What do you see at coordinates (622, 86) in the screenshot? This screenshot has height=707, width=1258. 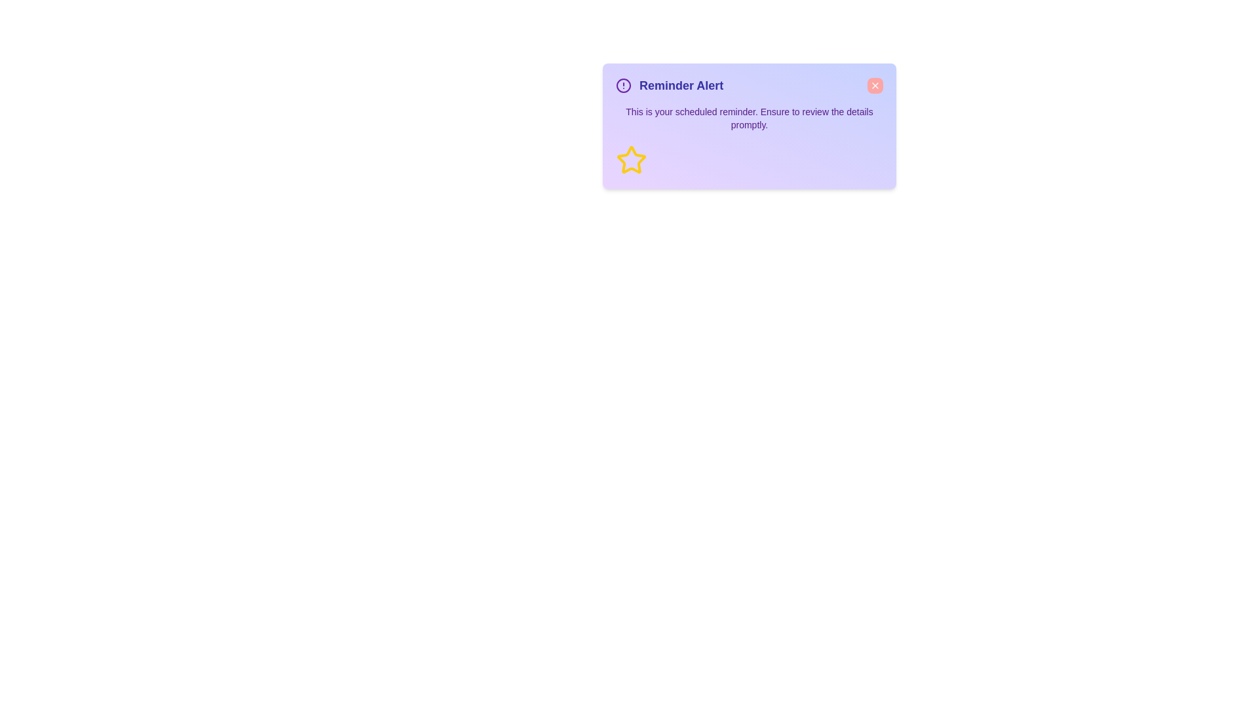 I see `the alert icon to inspect it for additional context` at bounding box center [622, 86].